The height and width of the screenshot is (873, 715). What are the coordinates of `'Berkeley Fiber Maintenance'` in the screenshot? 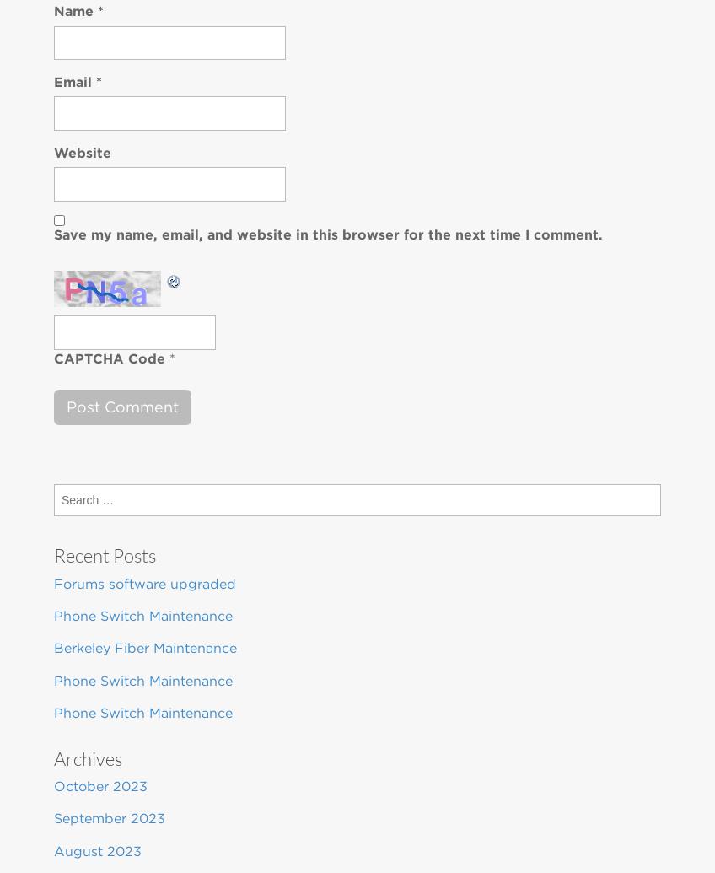 It's located at (145, 647).